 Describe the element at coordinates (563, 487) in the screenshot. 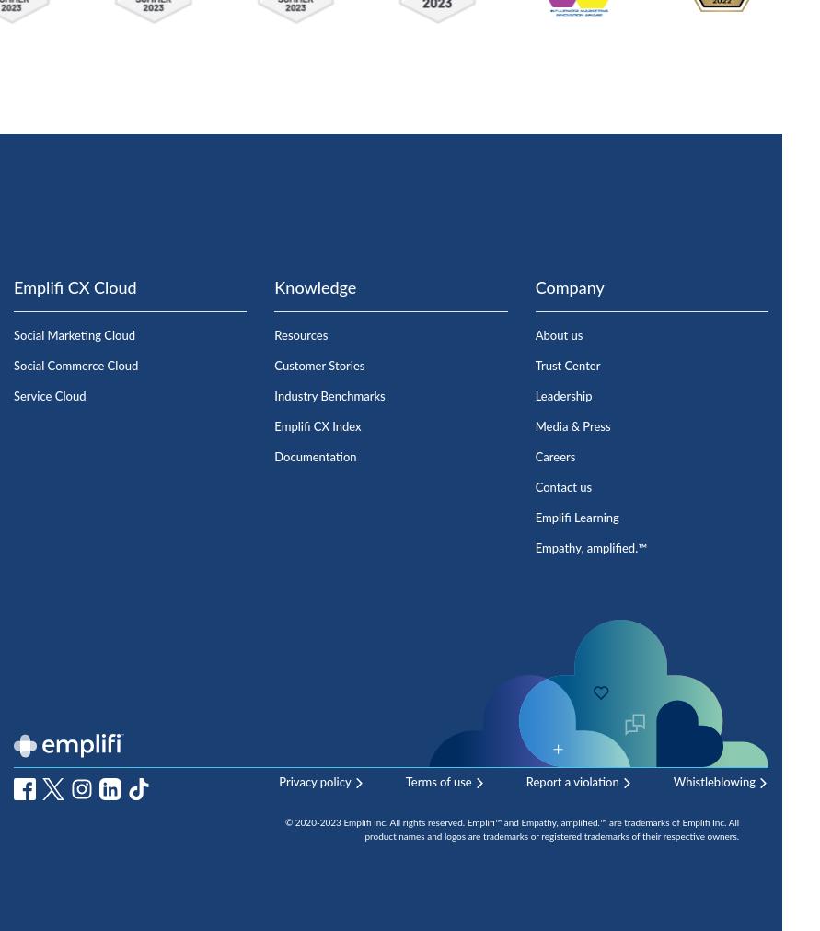

I see `'Contact us'` at that location.